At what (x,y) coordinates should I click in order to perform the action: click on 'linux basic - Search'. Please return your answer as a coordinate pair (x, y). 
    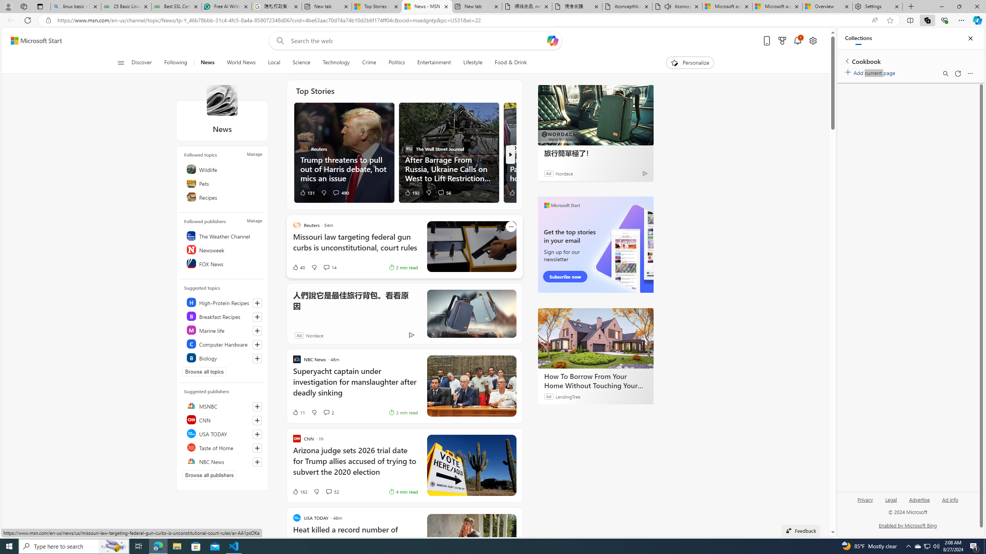
    Looking at the image, I should click on (75, 6).